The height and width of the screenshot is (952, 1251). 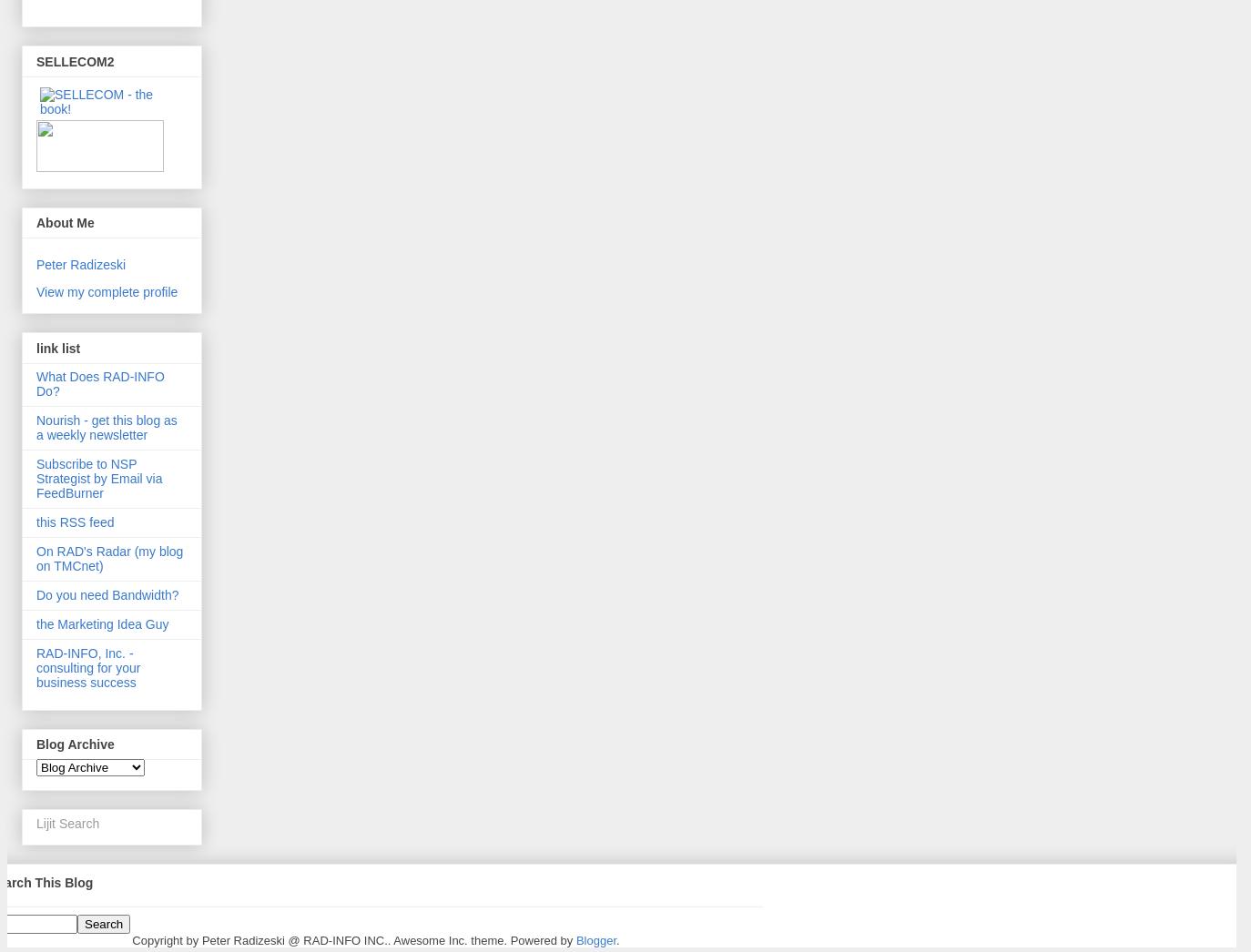 What do you see at coordinates (35, 426) in the screenshot?
I see `'Nourish - get this blog as a weekly newsletter'` at bounding box center [35, 426].